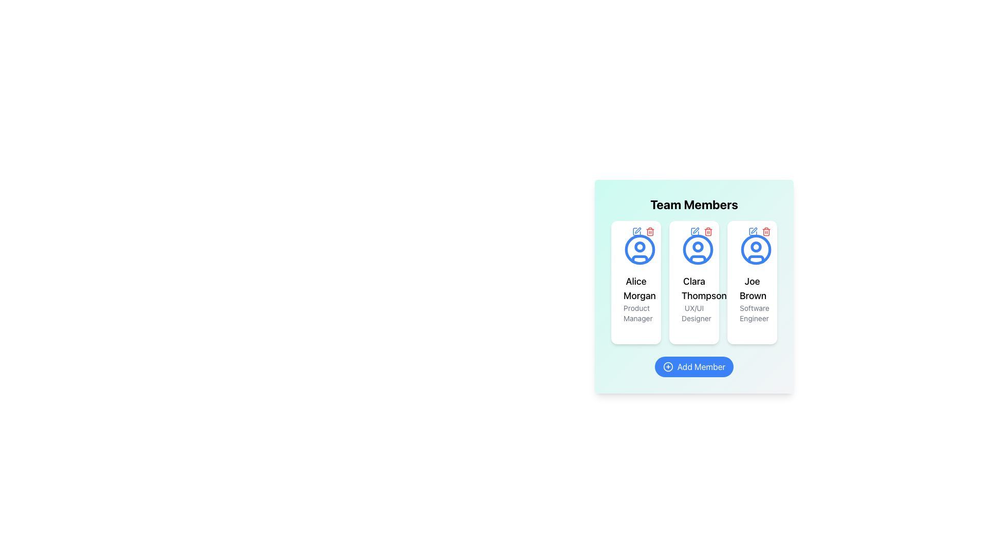 The image size is (987, 555). Describe the element at coordinates (754, 229) in the screenshot. I see `the pen-shaped icon located in the top-right region of the user information card to initiate editing the user information` at that location.